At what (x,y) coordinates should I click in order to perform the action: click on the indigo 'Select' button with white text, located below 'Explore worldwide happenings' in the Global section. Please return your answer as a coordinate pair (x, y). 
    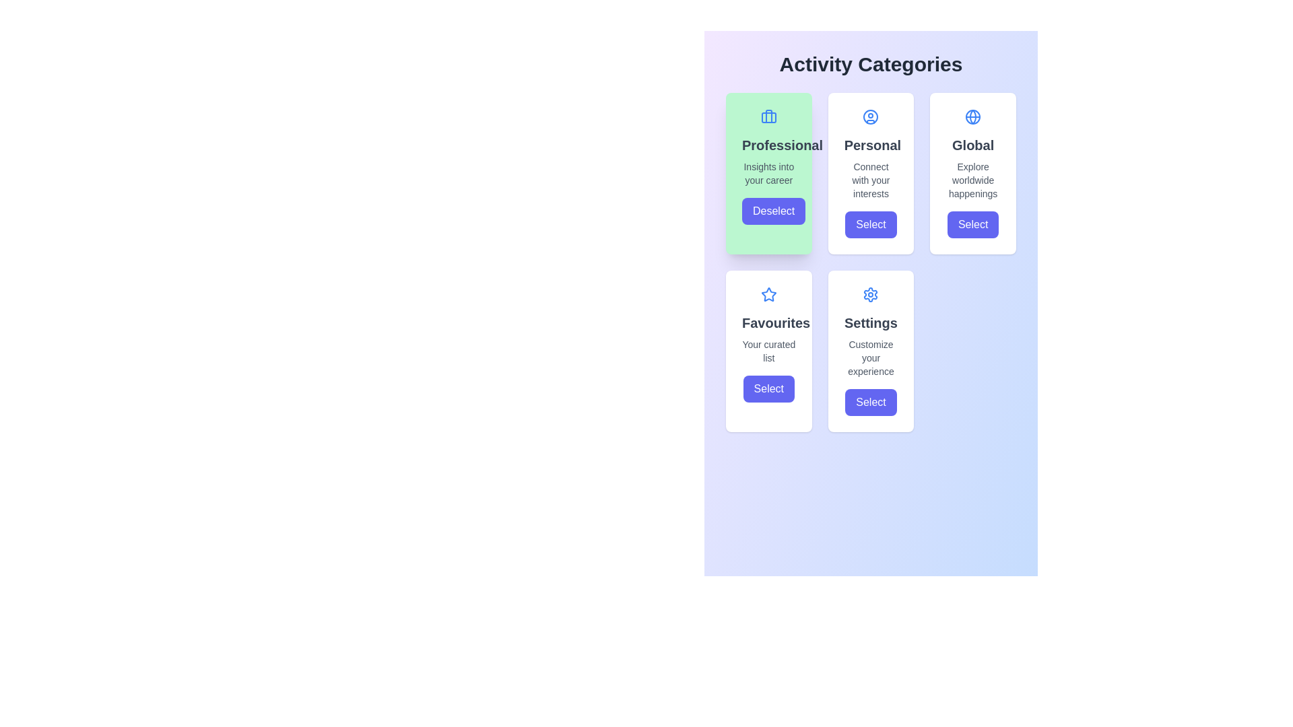
    Looking at the image, I should click on (973, 224).